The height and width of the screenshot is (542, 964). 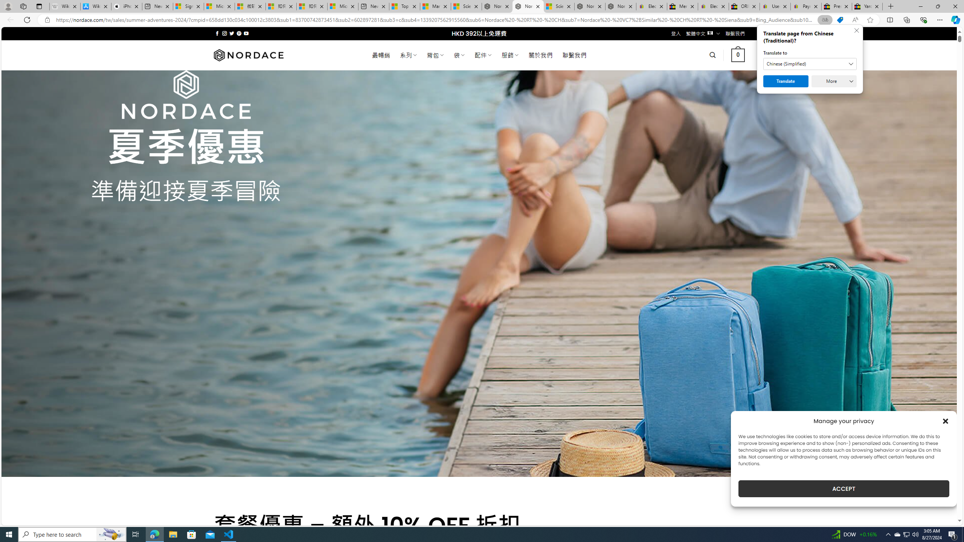 What do you see at coordinates (844, 489) in the screenshot?
I see `'ACCEPT'` at bounding box center [844, 489].